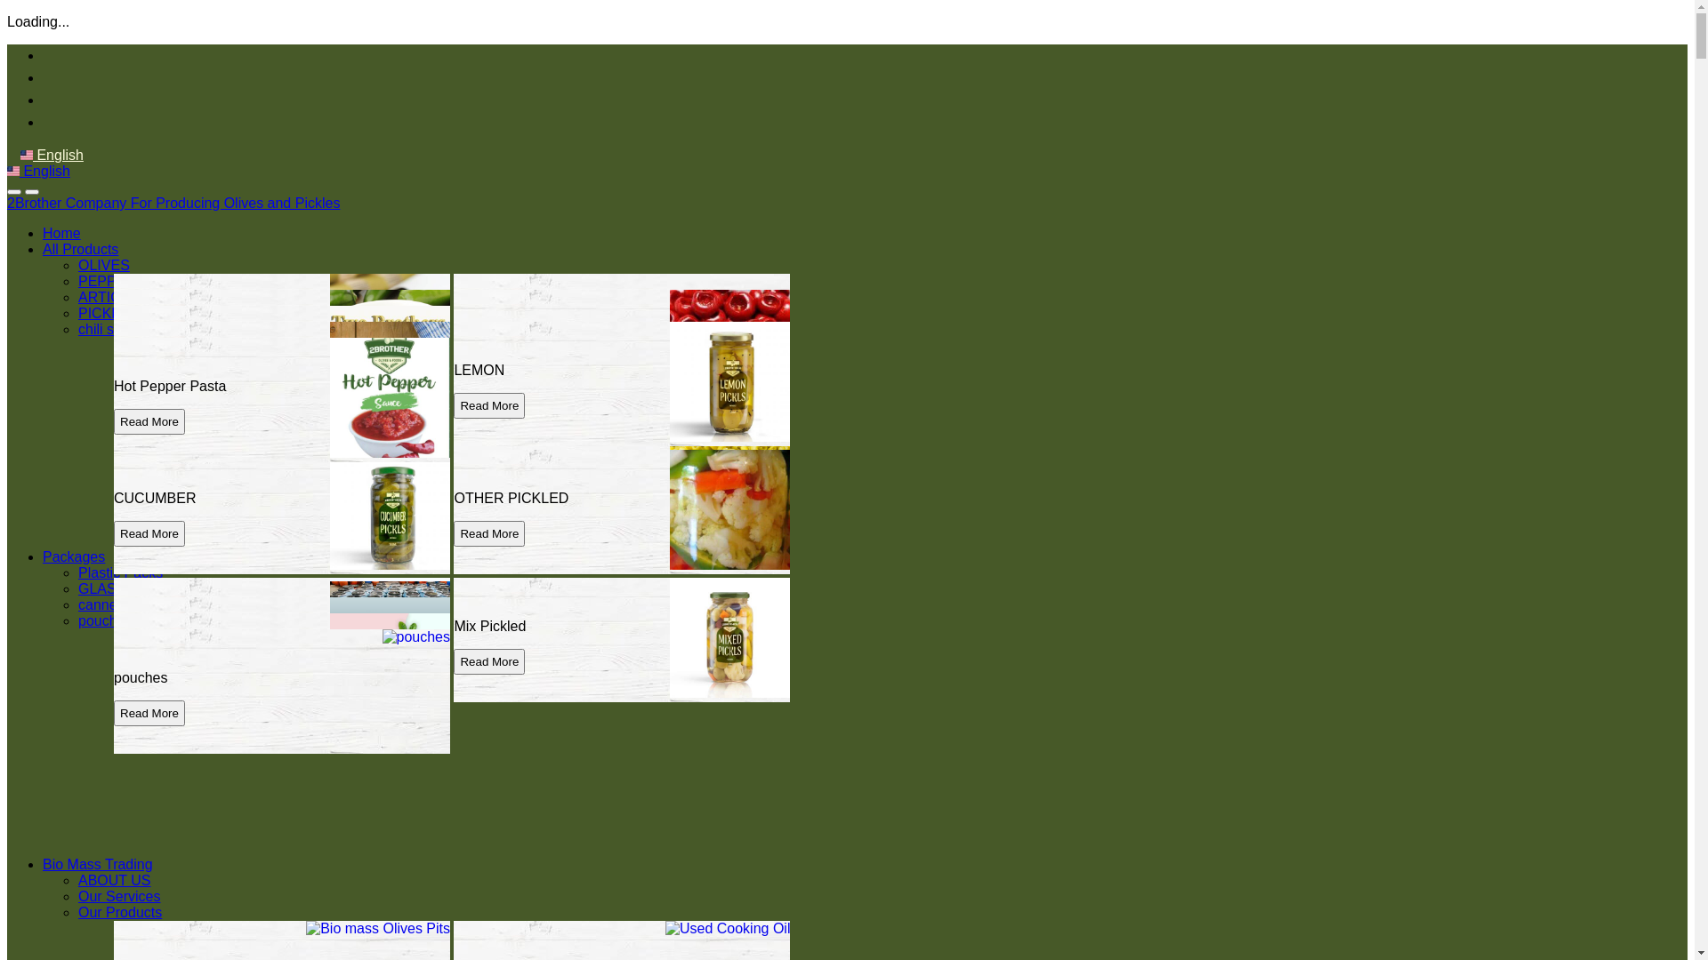  Describe the element at coordinates (280, 511) in the screenshot. I see `'CUCUMBER` at that location.